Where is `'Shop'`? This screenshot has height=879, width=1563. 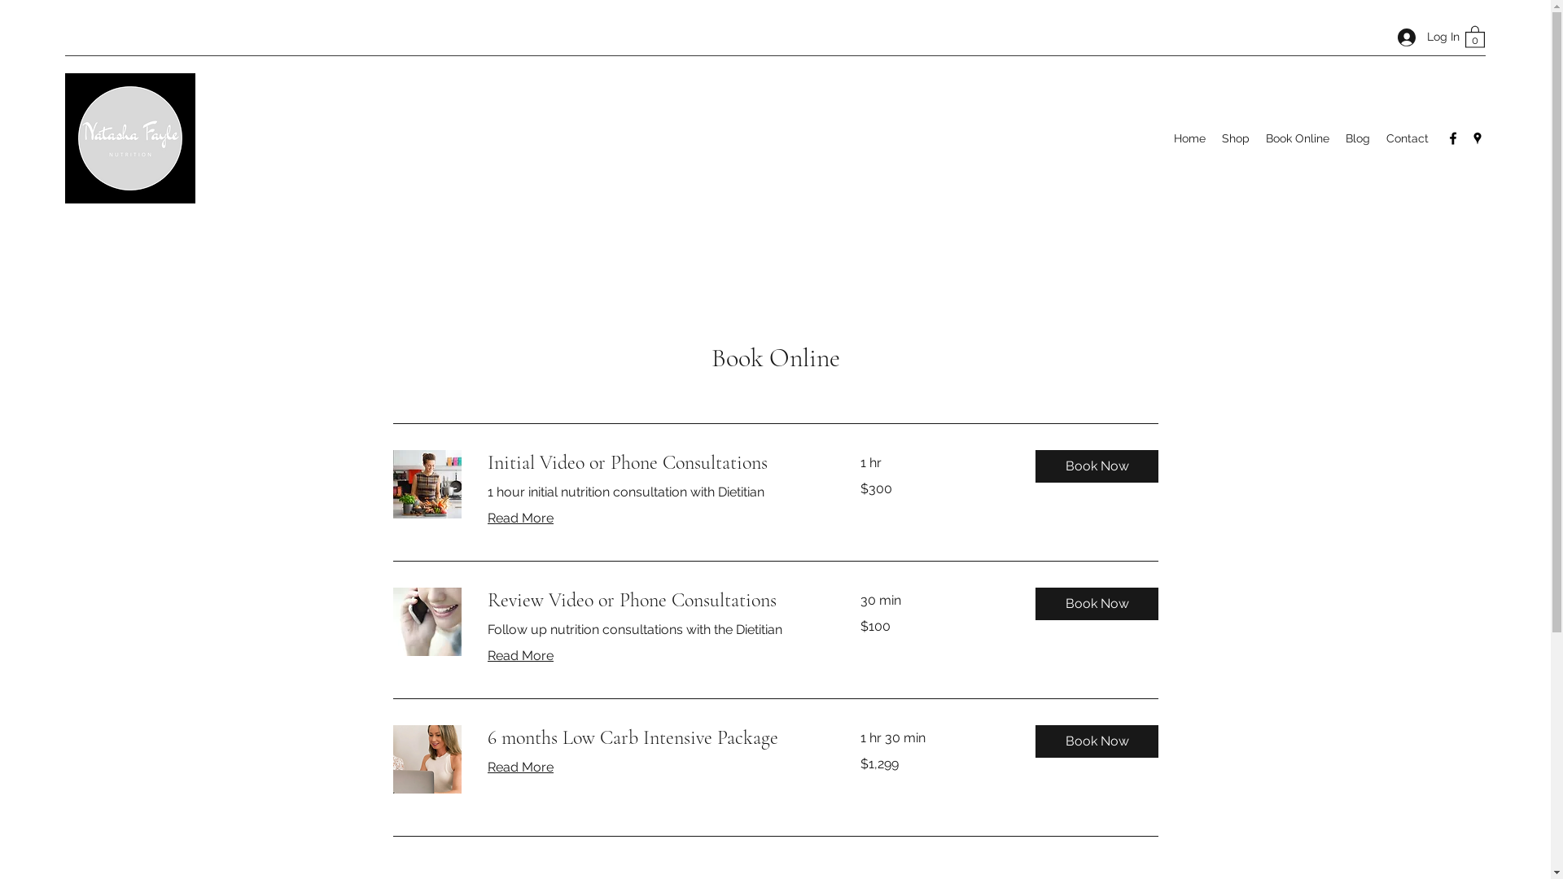 'Shop' is located at coordinates (1235, 137).